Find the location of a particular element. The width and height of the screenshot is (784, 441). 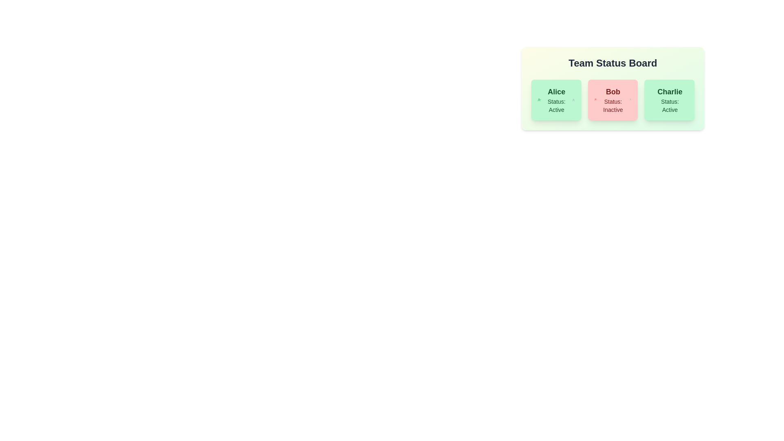

the card of Alice to view their information is located at coordinates (556, 100).